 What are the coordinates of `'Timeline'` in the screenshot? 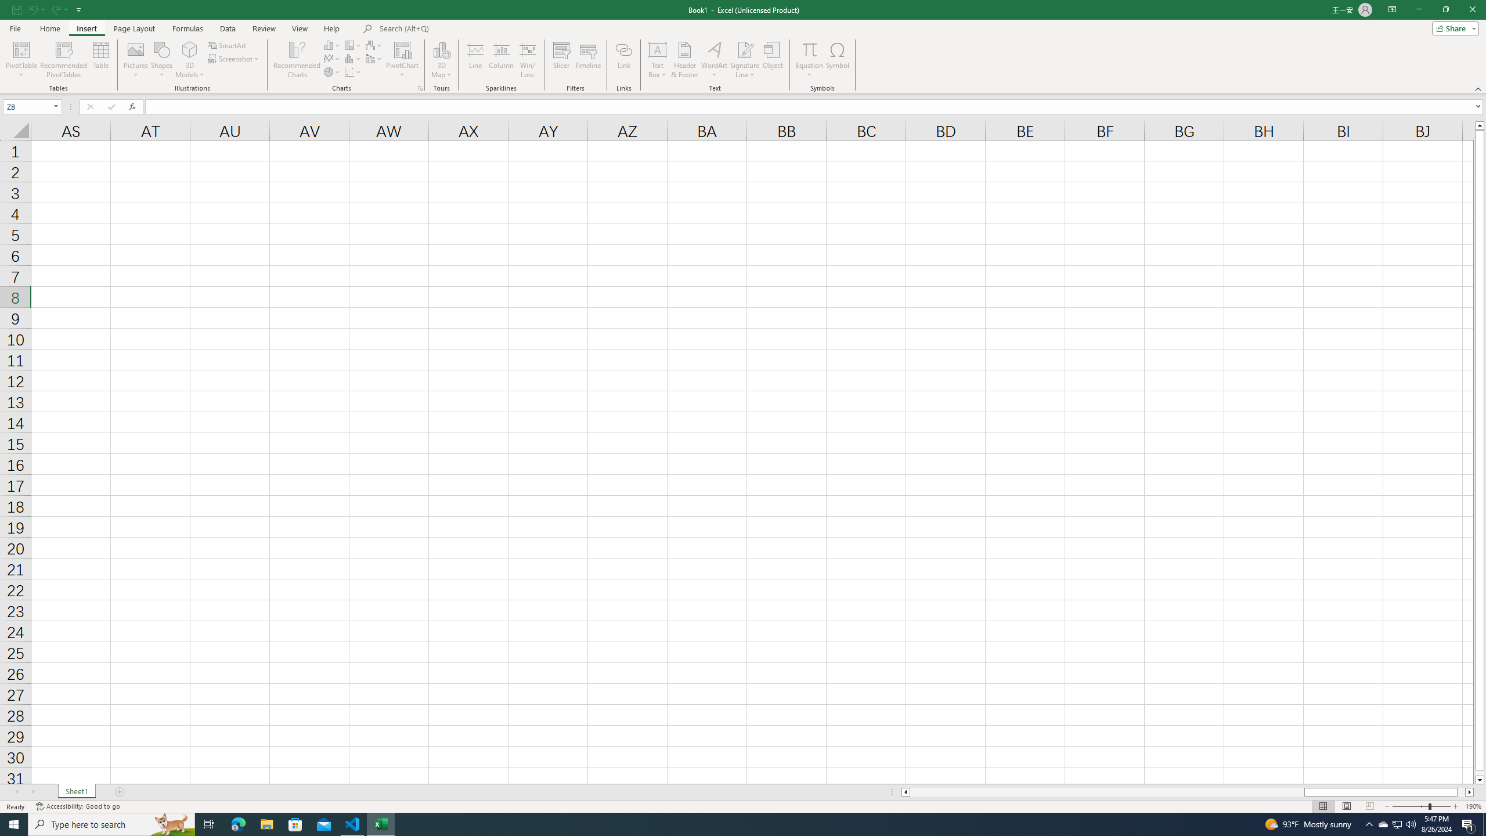 It's located at (587, 60).